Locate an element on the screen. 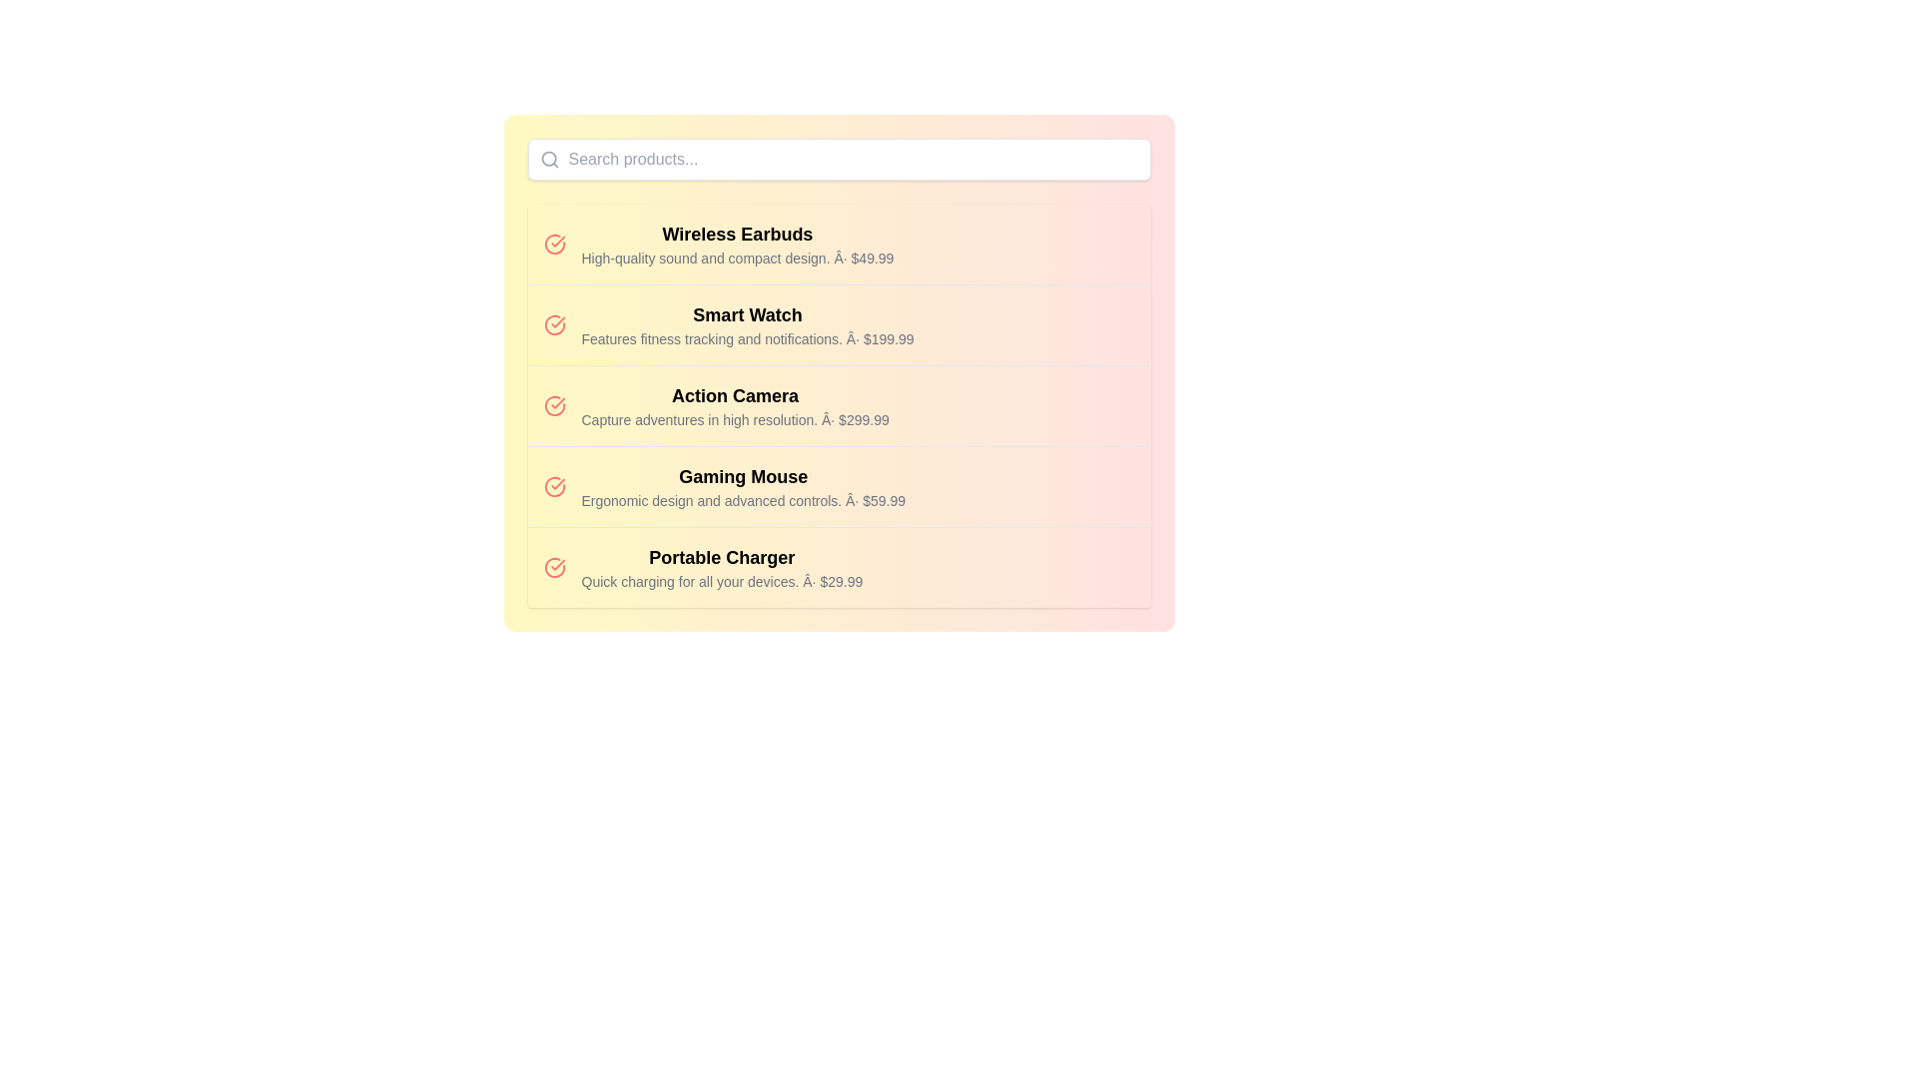 Image resolution: width=1917 pixels, height=1078 pixels. the fifth product item in a vertically stacked list, which represents a 'Portable Charger', located at the bottom of the list with a yellow gradient background is located at coordinates (839, 567).